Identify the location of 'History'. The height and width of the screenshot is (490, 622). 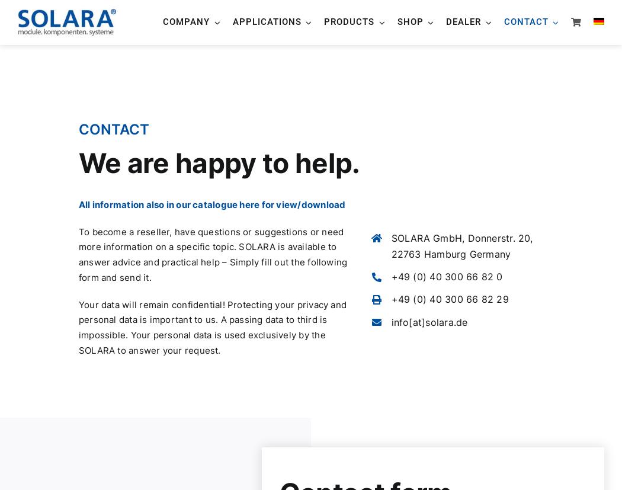
(194, 158).